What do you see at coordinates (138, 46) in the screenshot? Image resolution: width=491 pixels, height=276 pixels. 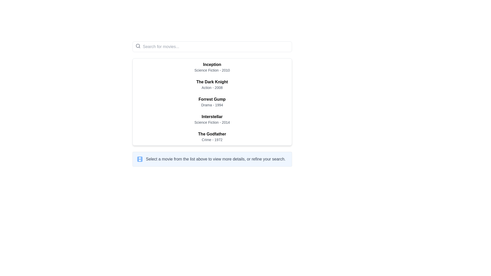 I see `the magnifying-glass icon which is styled in gray and located to the left of the search input field at the top-center of the interface` at bounding box center [138, 46].